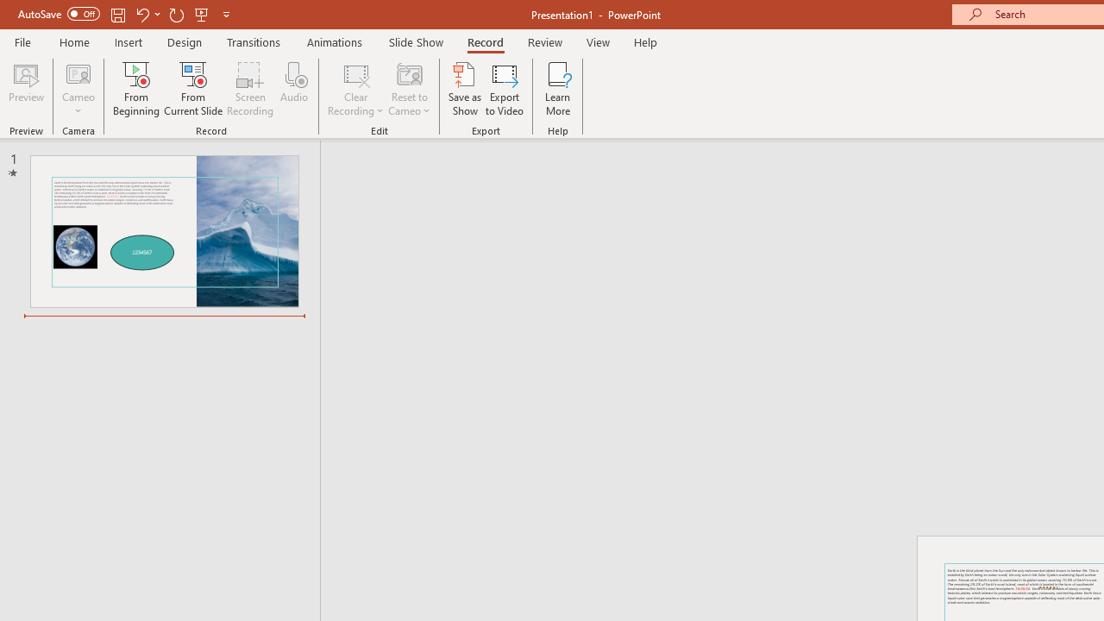 Image resolution: width=1104 pixels, height=621 pixels. What do you see at coordinates (598, 41) in the screenshot?
I see `'View'` at bounding box center [598, 41].